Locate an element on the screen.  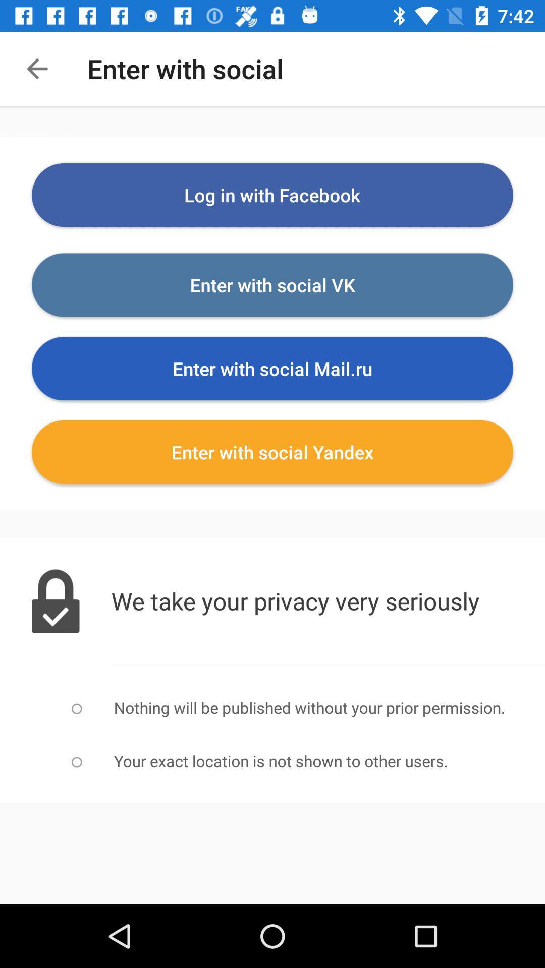
item above the enter with social is located at coordinates (272, 195).